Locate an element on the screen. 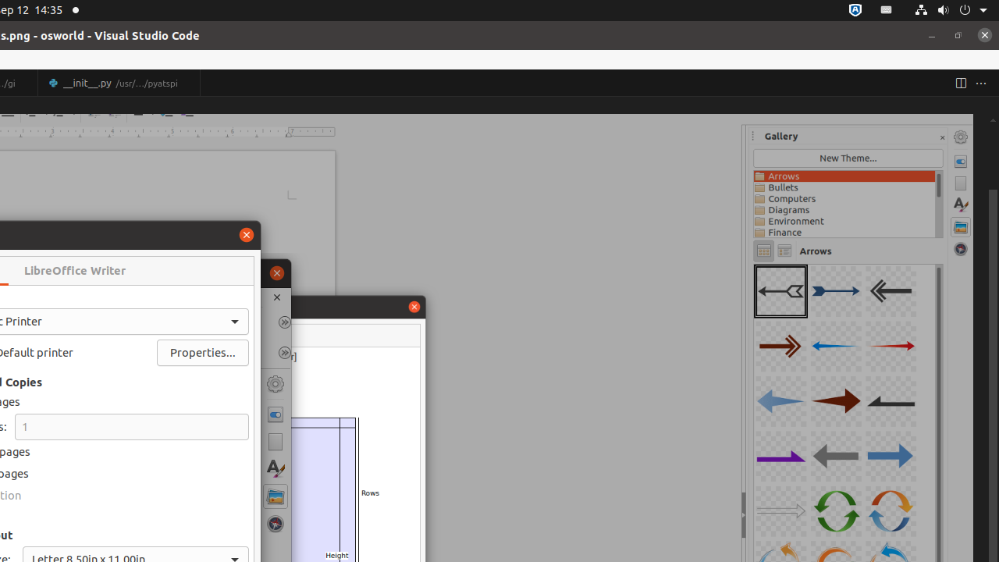  ':1.72/StatusNotifierItem' is located at coordinates (854, 10).